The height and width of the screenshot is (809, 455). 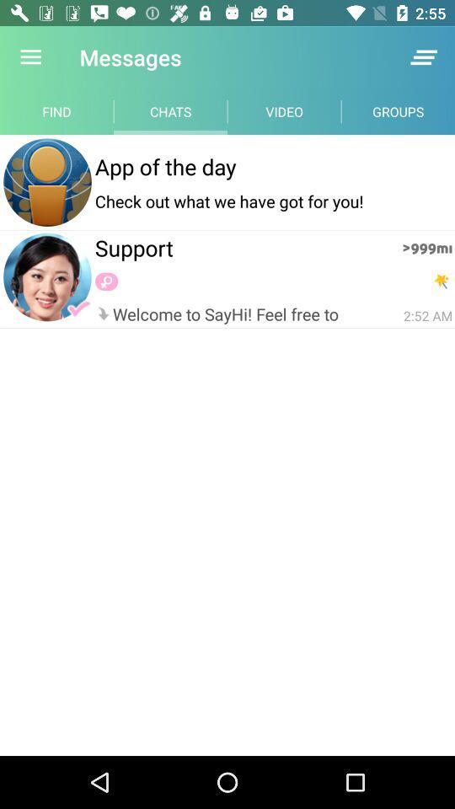 I want to click on chats, so click(x=170, y=110).